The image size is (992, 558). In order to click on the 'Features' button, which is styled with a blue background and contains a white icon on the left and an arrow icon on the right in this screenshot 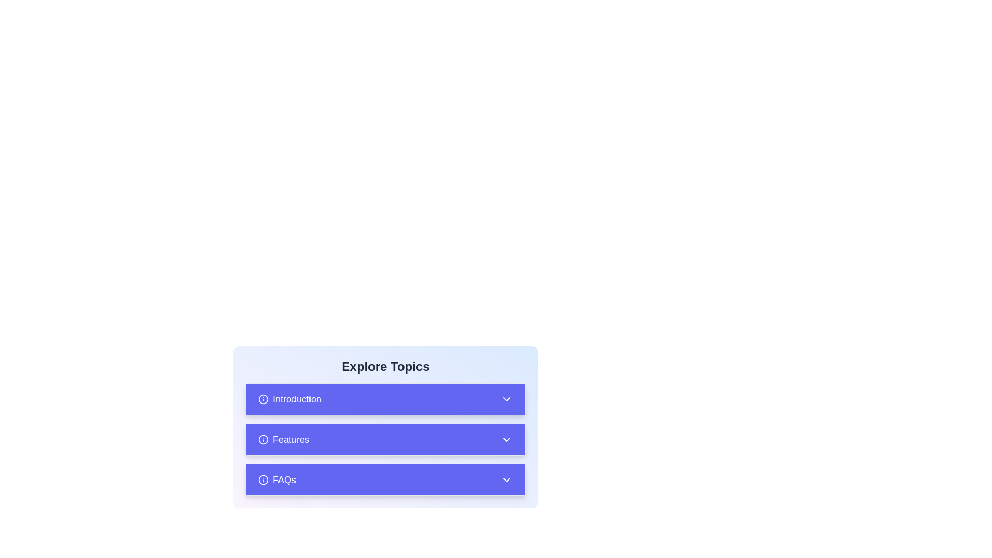, I will do `click(385, 421)`.